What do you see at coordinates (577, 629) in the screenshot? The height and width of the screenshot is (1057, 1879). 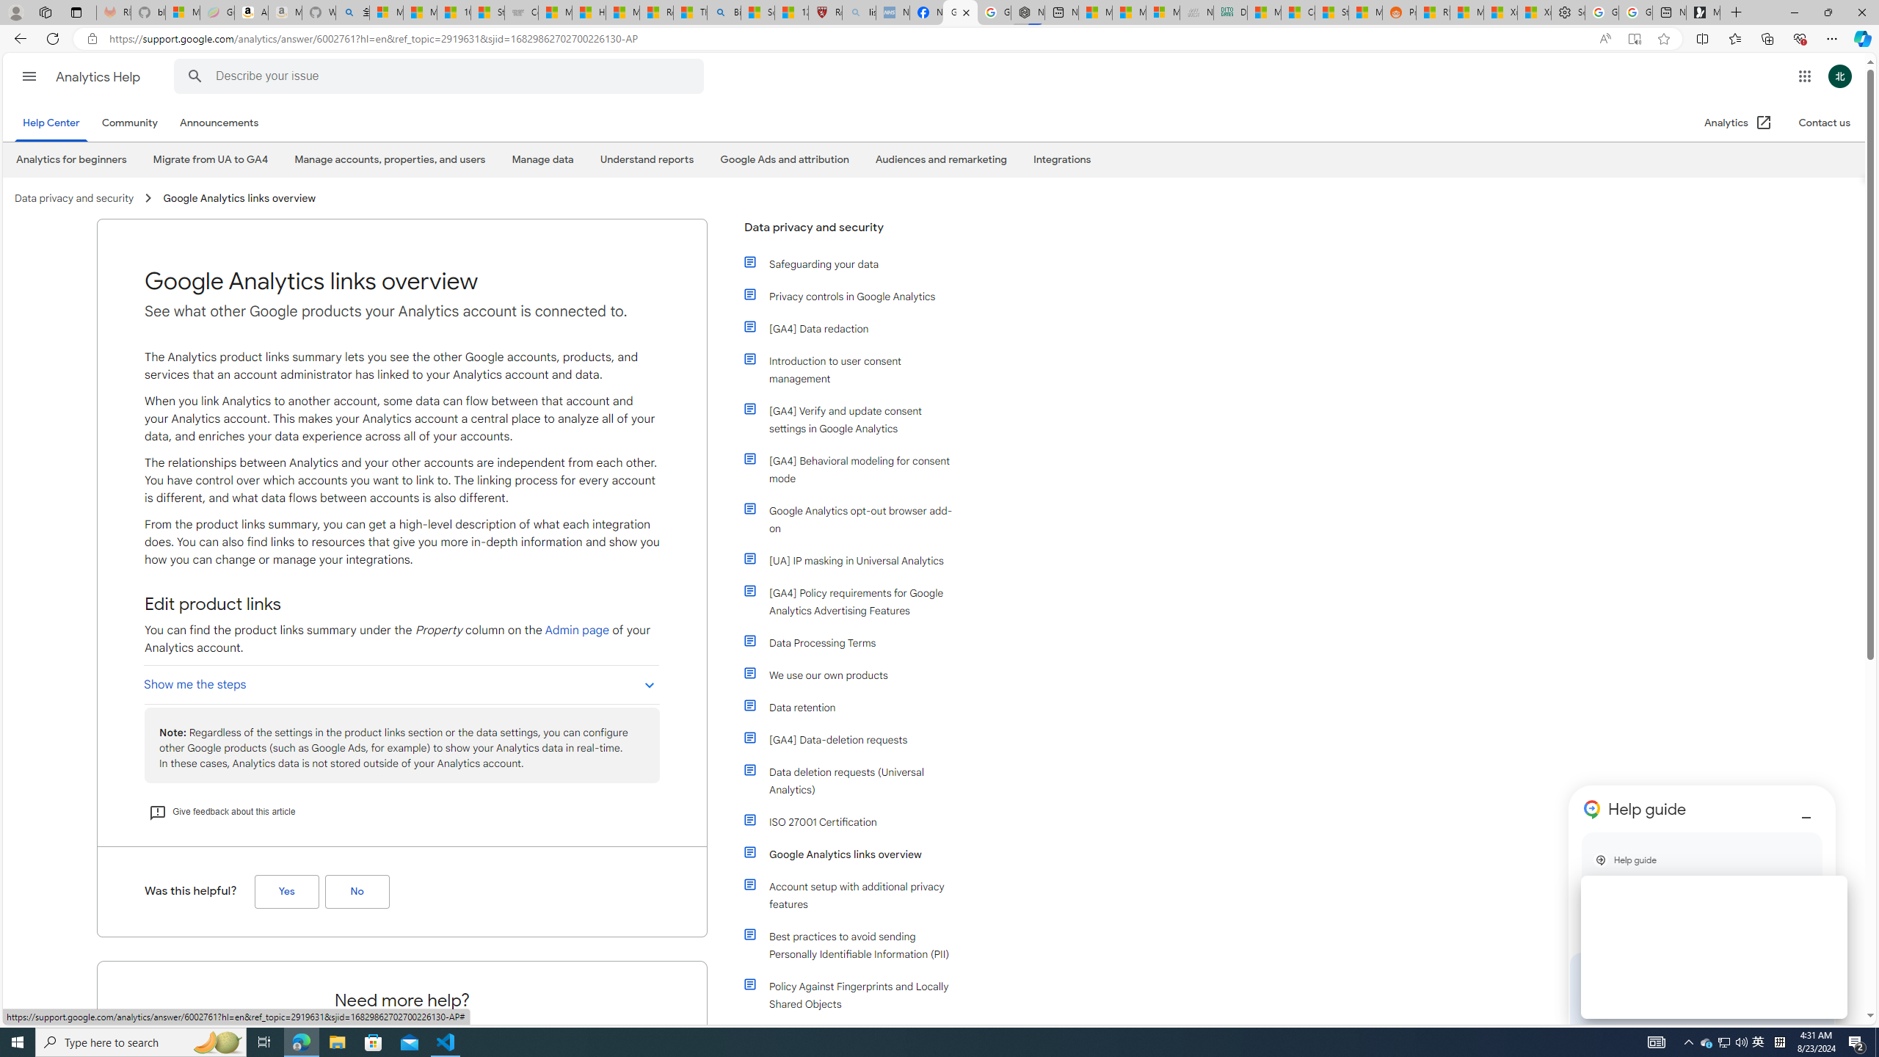 I see `'Admin page'` at bounding box center [577, 629].